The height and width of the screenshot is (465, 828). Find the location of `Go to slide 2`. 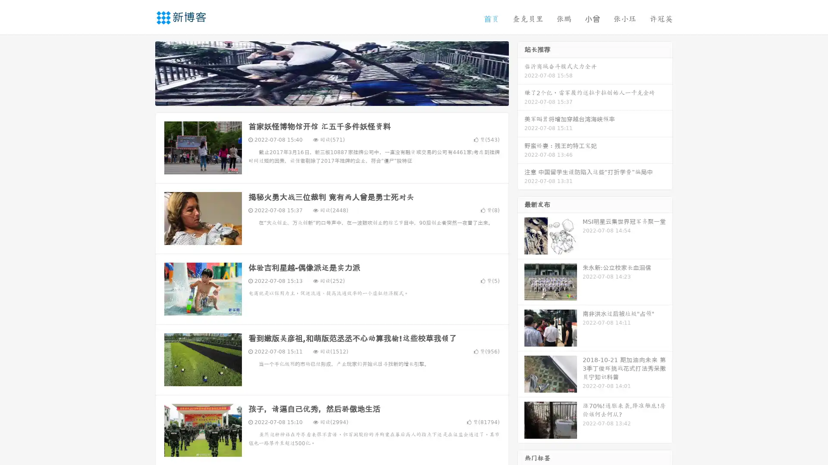

Go to slide 2 is located at coordinates (331, 97).